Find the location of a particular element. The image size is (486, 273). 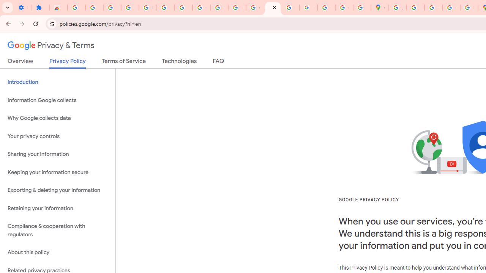

'Compliance & cooperation with regulators' is located at coordinates (57, 230).